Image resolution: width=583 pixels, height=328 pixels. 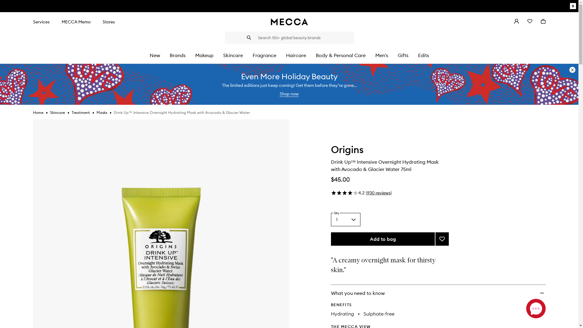 What do you see at coordinates (516, 22) in the screenshot?
I see `'Account'` at bounding box center [516, 22].